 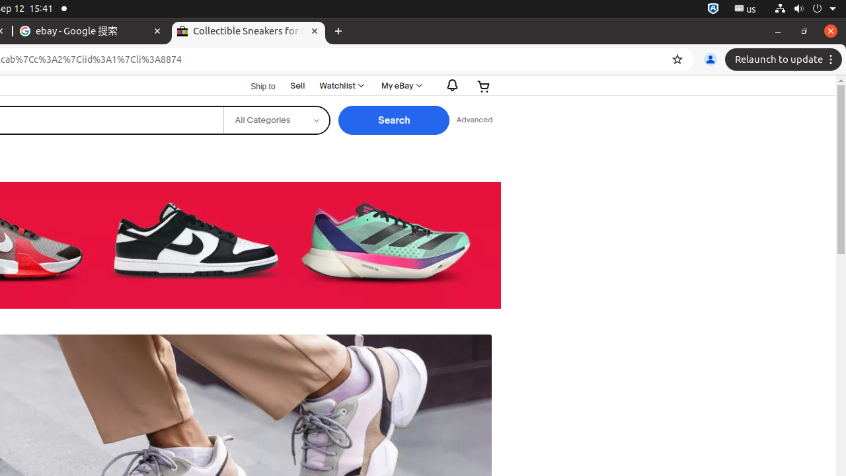 I want to click on 'New Tab', so click(x=338, y=30).